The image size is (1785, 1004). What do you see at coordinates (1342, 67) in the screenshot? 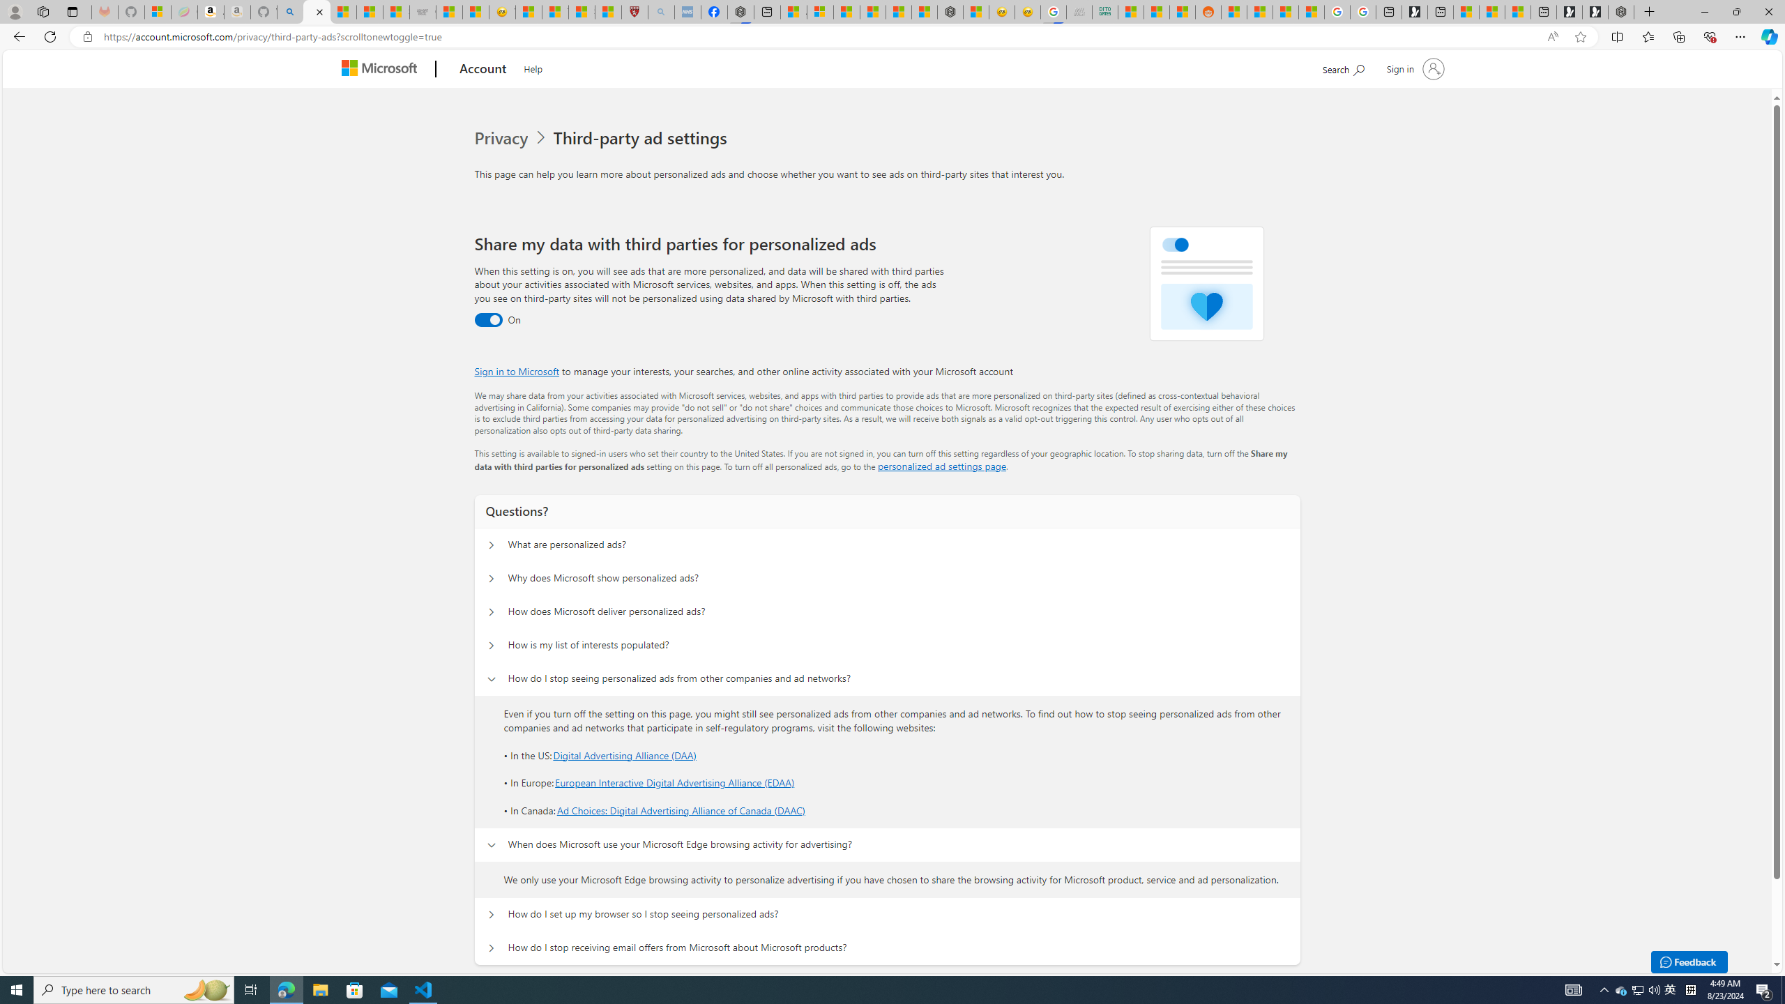
I see `'Search Microsoft.com'` at bounding box center [1342, 67].